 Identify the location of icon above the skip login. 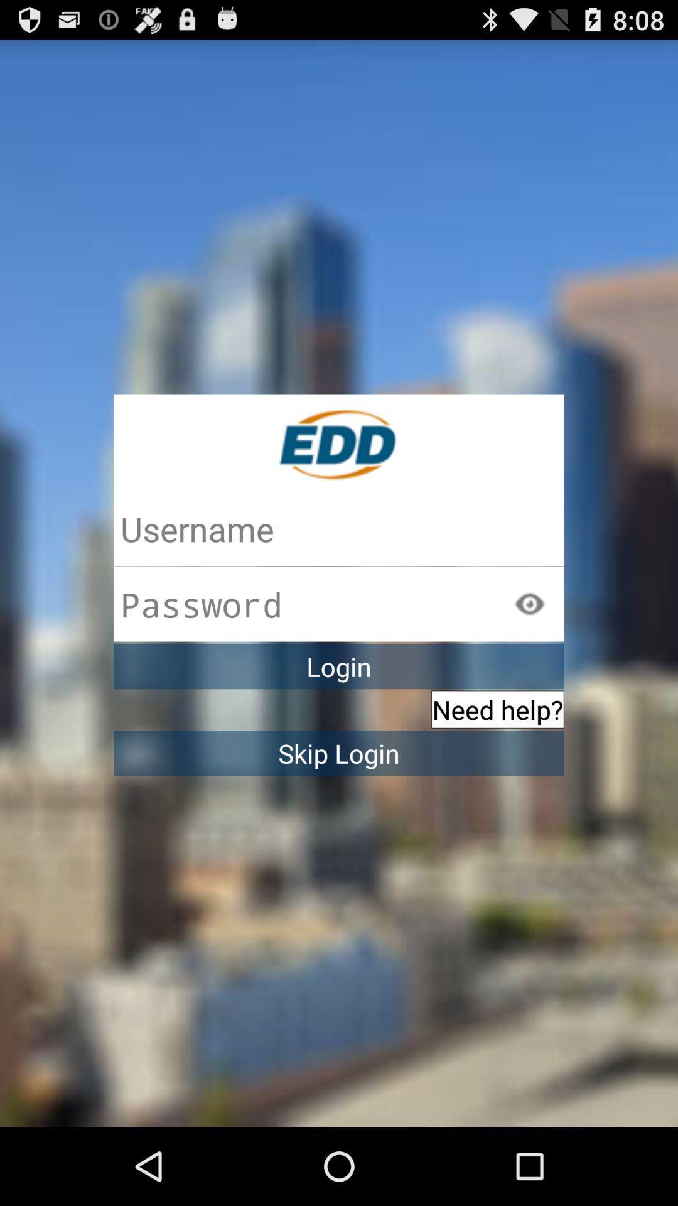
(497, 709).